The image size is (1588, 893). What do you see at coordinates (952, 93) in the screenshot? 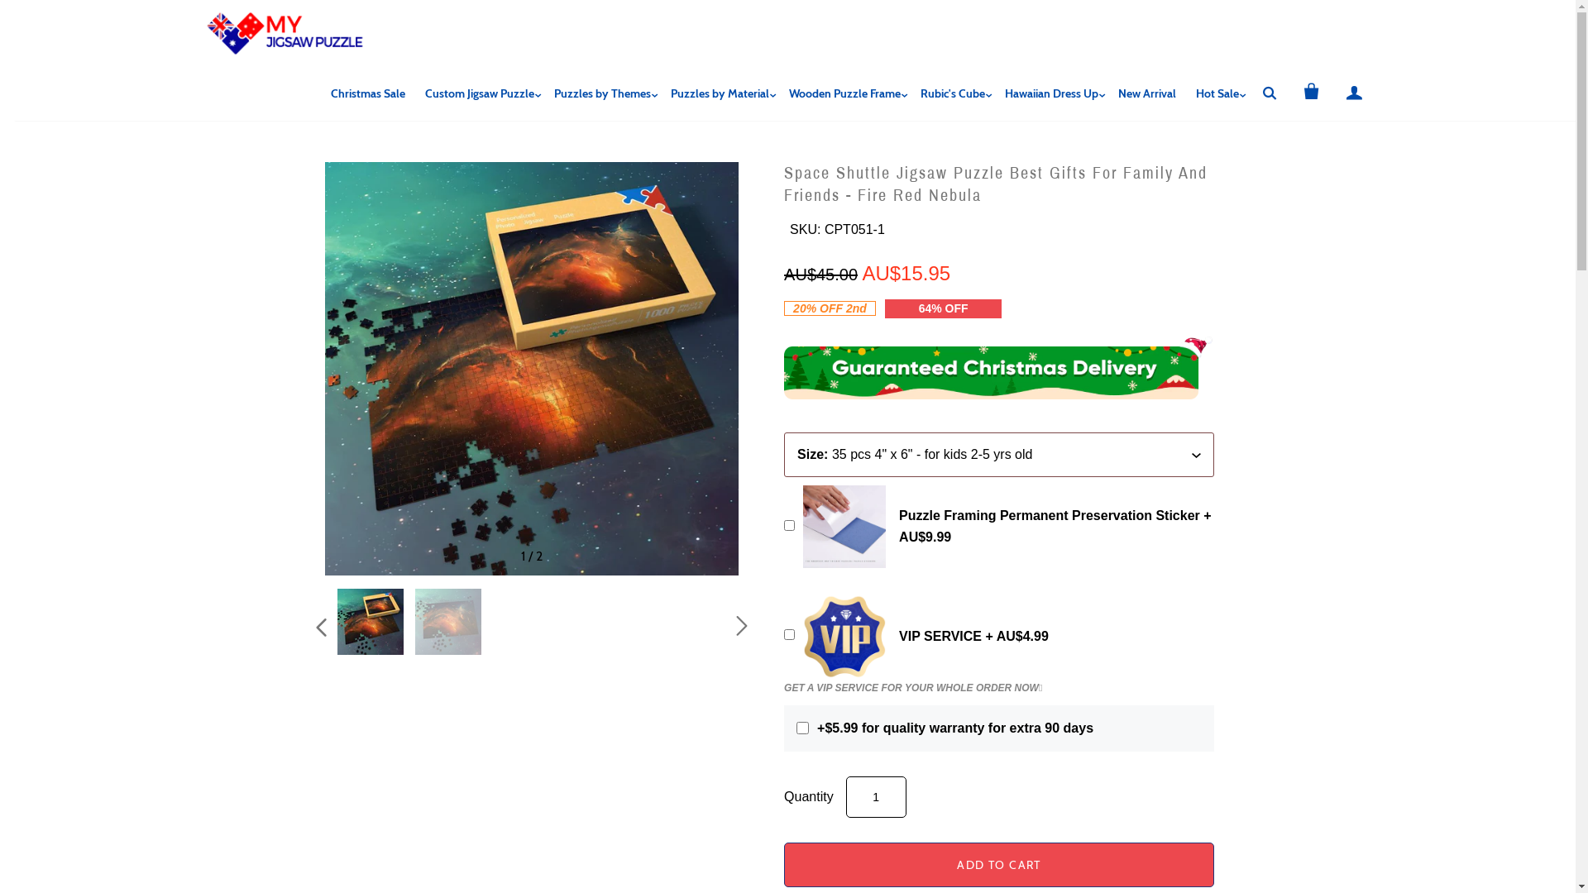
I see `'Rubic's Cube'` at bounding box center [952, 93].